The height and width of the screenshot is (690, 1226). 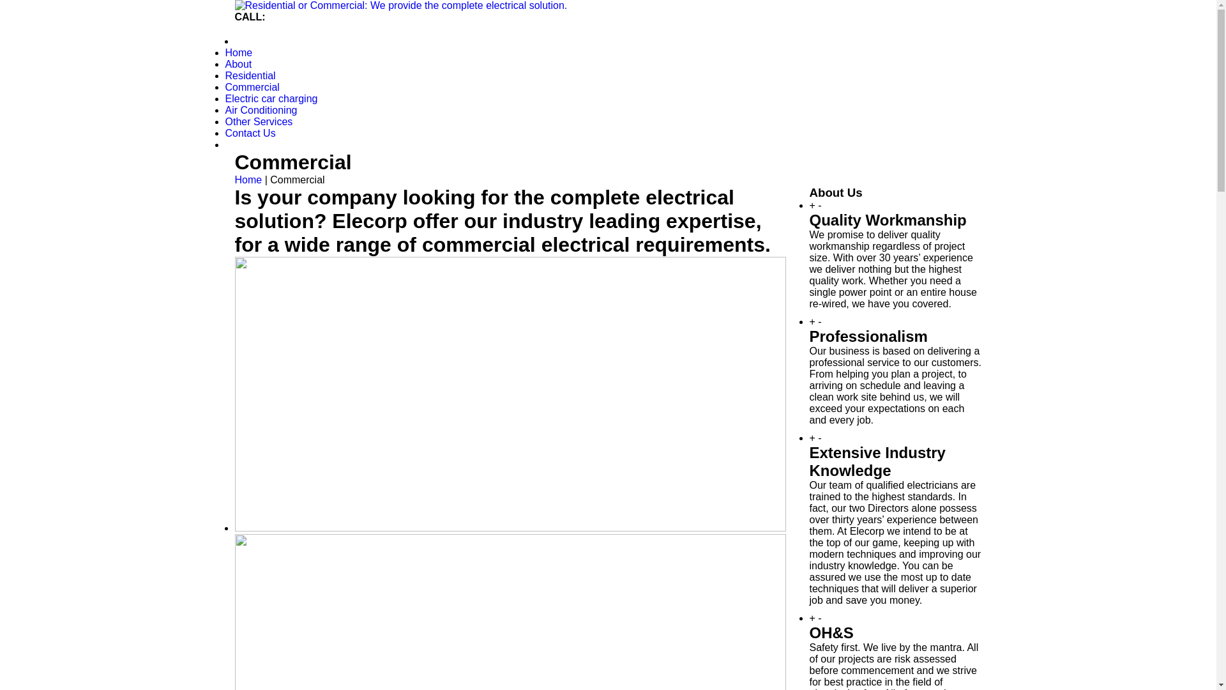 What do you see at coordinates (250, 133) in the screenshot?
I see `'Contact Us'` at bounding box center [250, 133].